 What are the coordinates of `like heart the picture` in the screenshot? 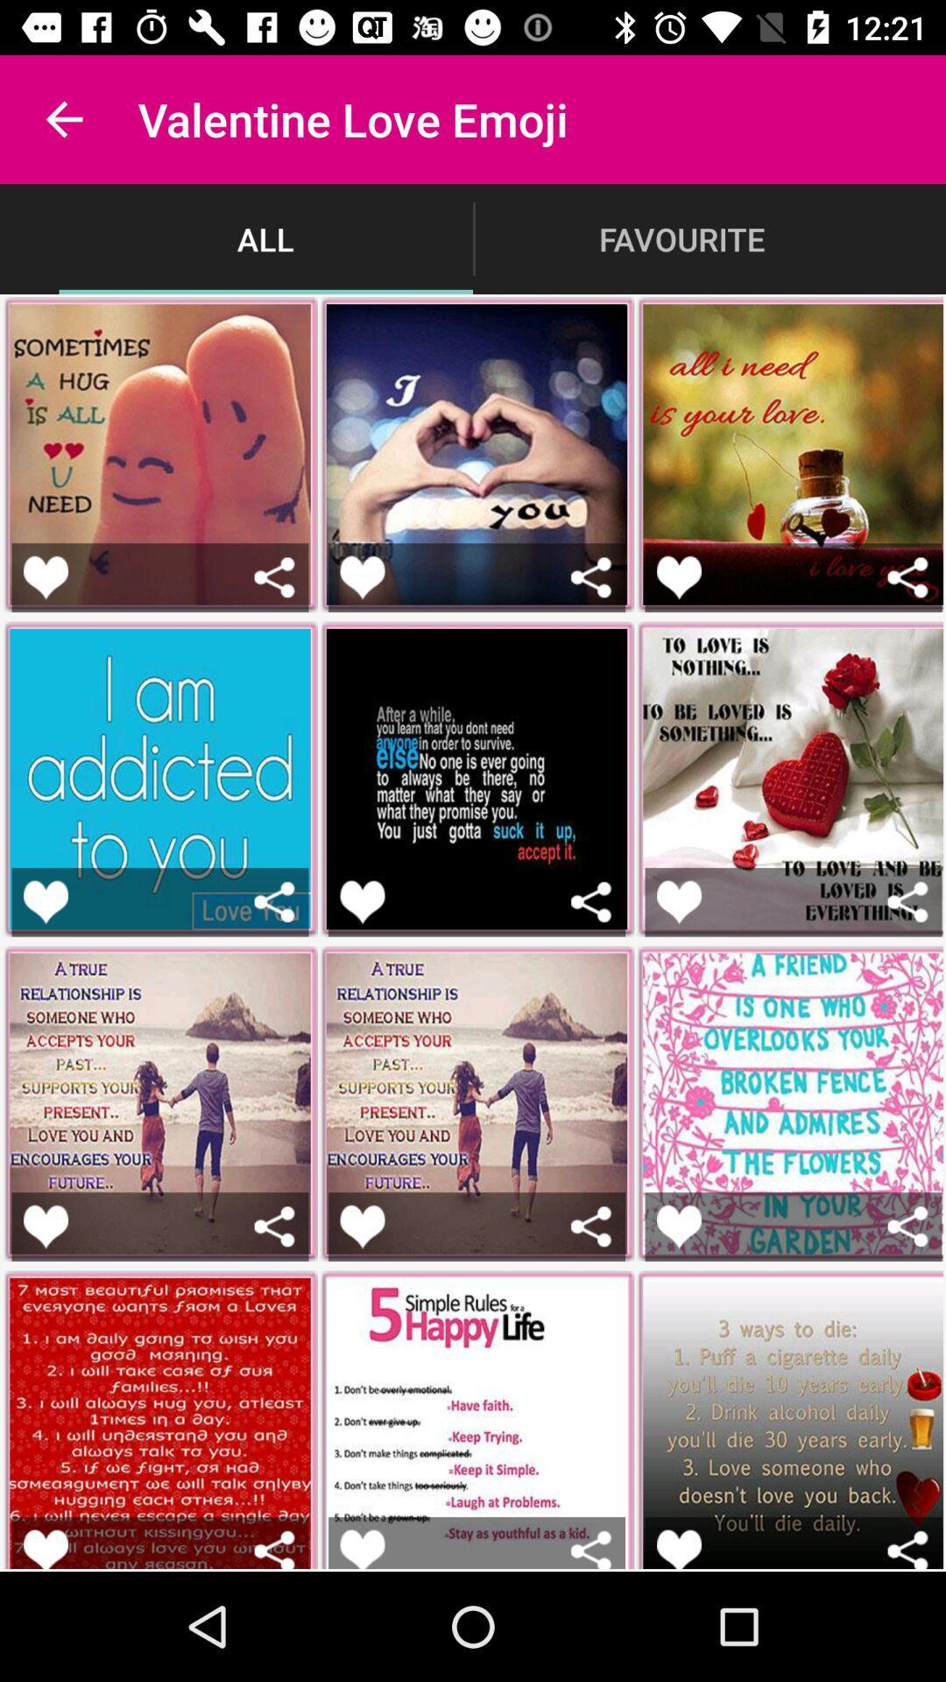 It's located at (361, 577).